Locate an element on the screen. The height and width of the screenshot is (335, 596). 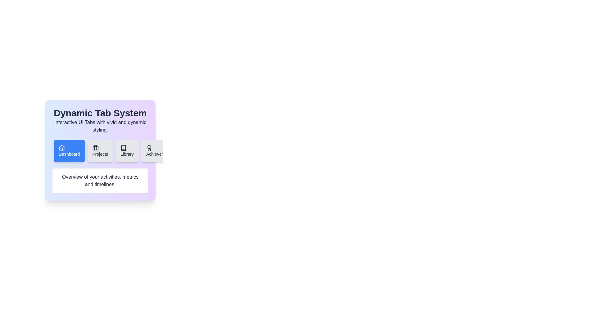
the tab labeled Library is located at coordinates (127, 151).